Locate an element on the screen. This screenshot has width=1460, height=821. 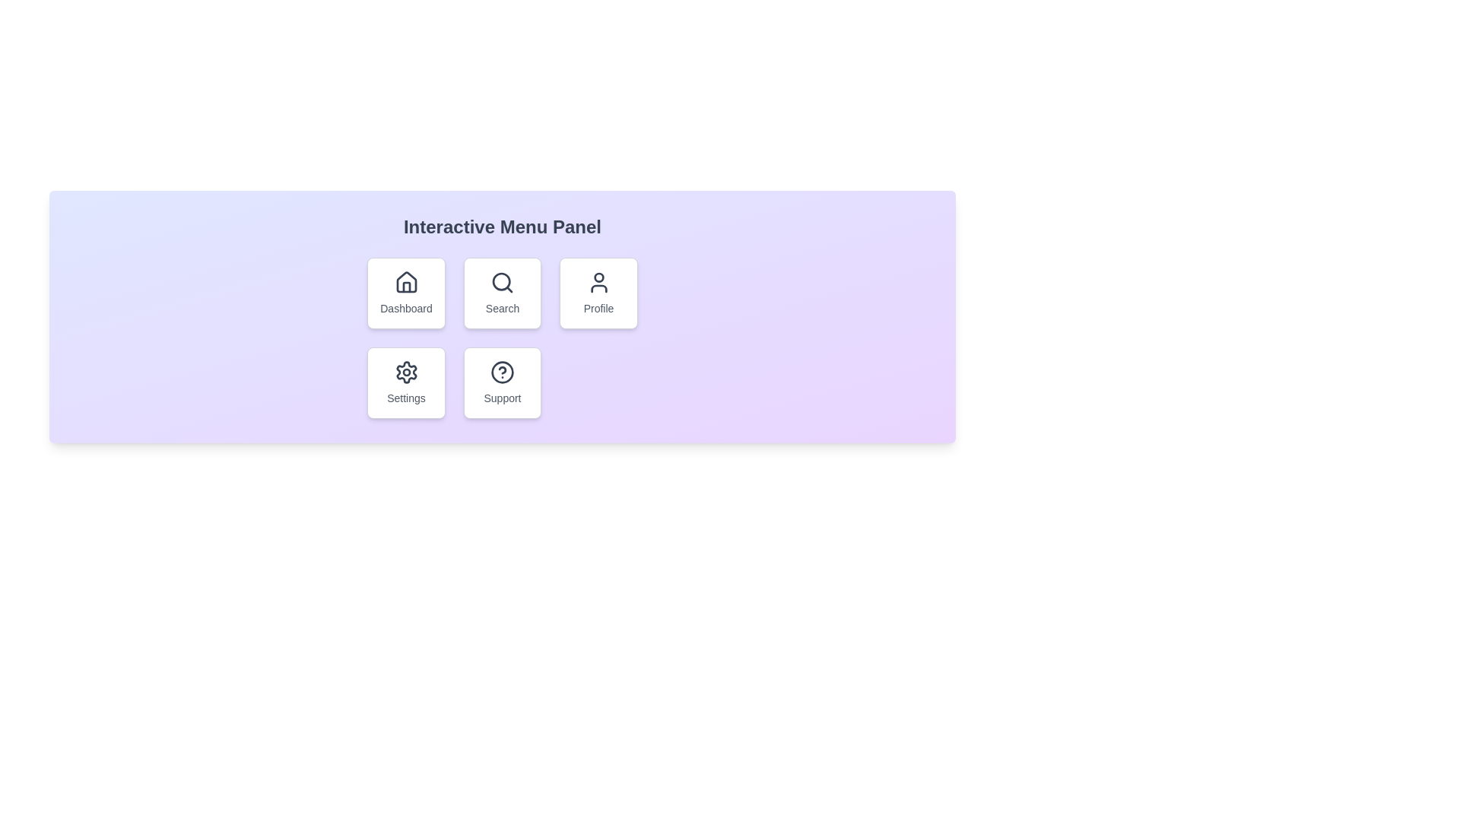
the 'Dashboard' icon located in the top-left card of the 3x2 grid layout, which contains a house icon and the text 'Dashboard' is located at coordinates (406, 282).